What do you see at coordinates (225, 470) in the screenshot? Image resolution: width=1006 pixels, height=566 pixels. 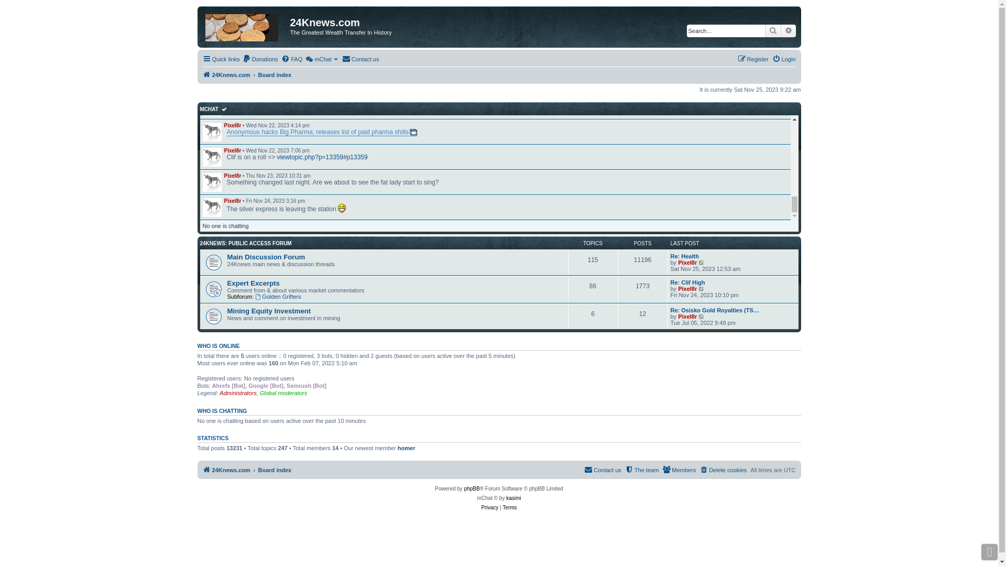 I see `'24Knews.com'` at bounding box center [225, 470].